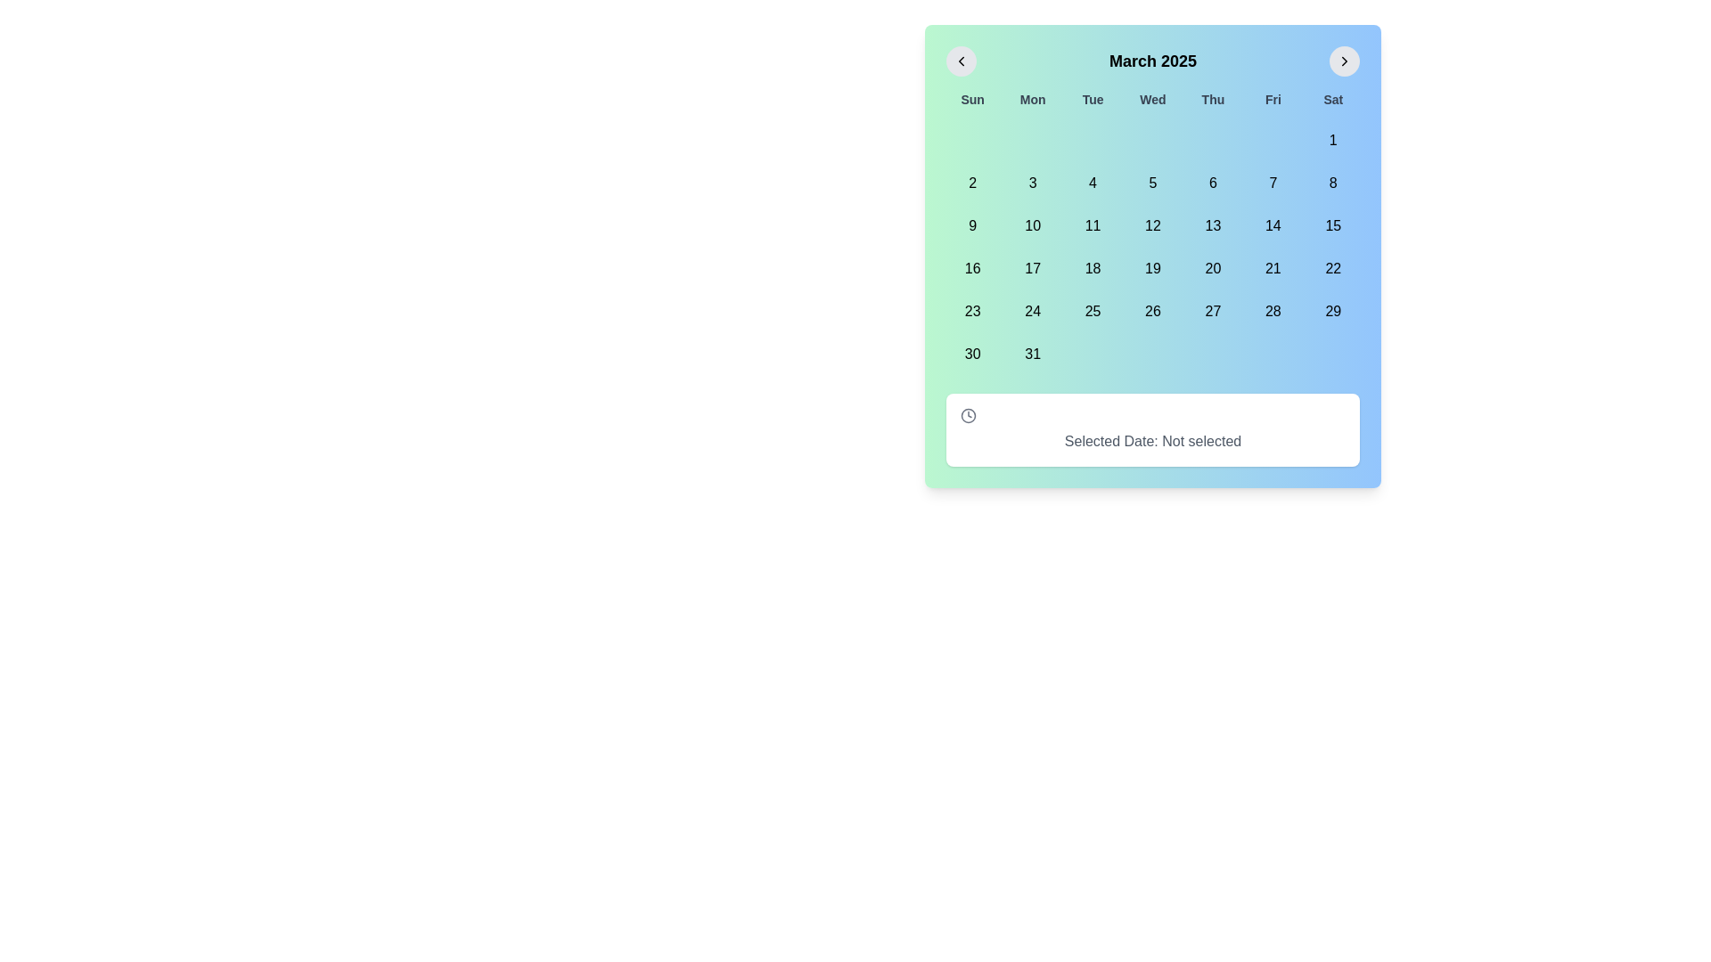 The width and height of the screenshot is (1711, 962). Describe the element at coordinates (1092, 311) in the screenshot. I see `the rectangular button labeled '25' in the fourth row and third column of the month calendar grid` at that location.